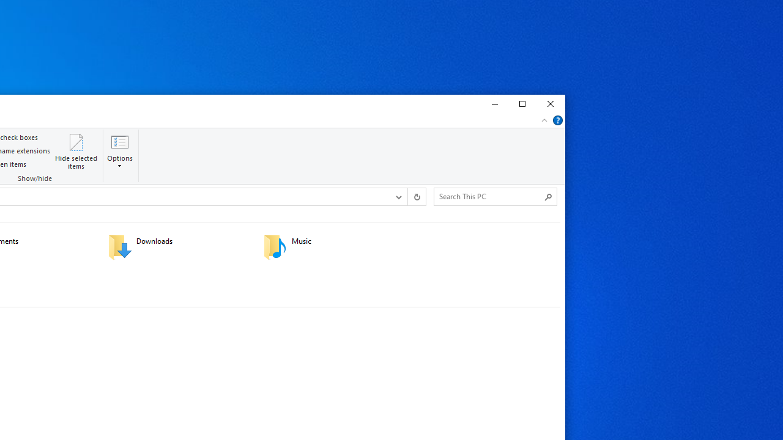 This screenshot has width=783, height=440. What do you see at coordinates (522, 104) in the screenshot?
I see `'Maximize'` at bounding box center [522, 104].